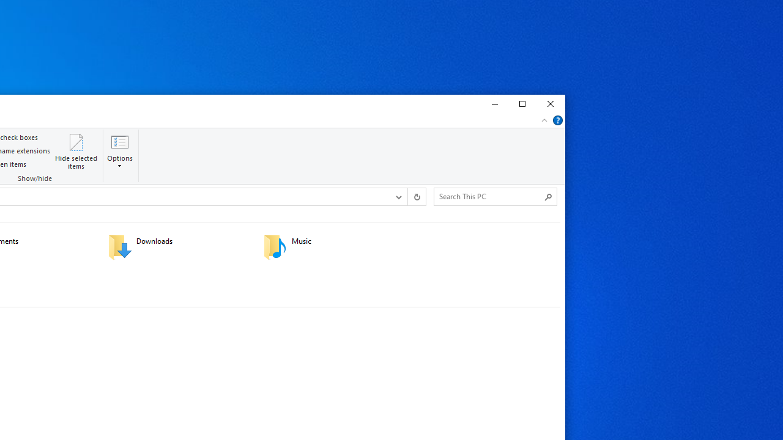 This screenshot has width=783, height=440. What do you see at coordinates (522, 104) in the screenshot?
I see `'Maximize'` at bounding box center [522, 104].